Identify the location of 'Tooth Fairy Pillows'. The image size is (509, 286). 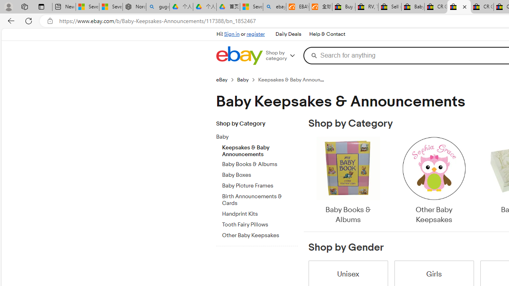
(260, 225).